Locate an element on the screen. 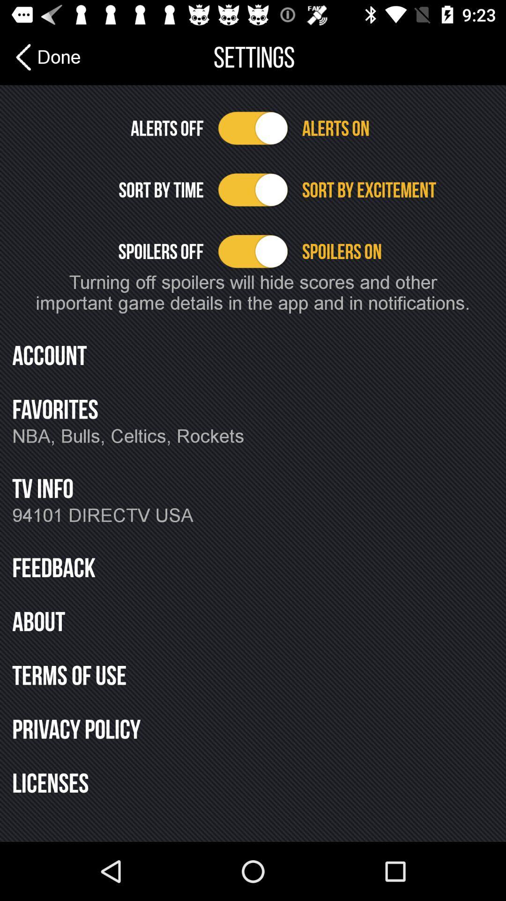  the item above sort by excitement is located at coordinates (398, 128).